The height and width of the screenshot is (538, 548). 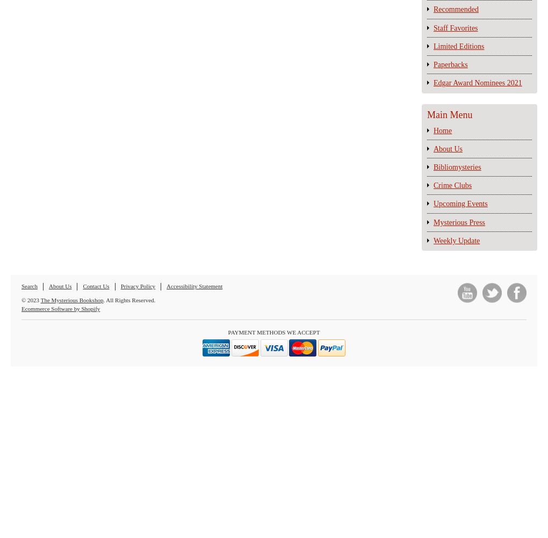 I want to click on 'Recommended', so click(x=456, y=9).